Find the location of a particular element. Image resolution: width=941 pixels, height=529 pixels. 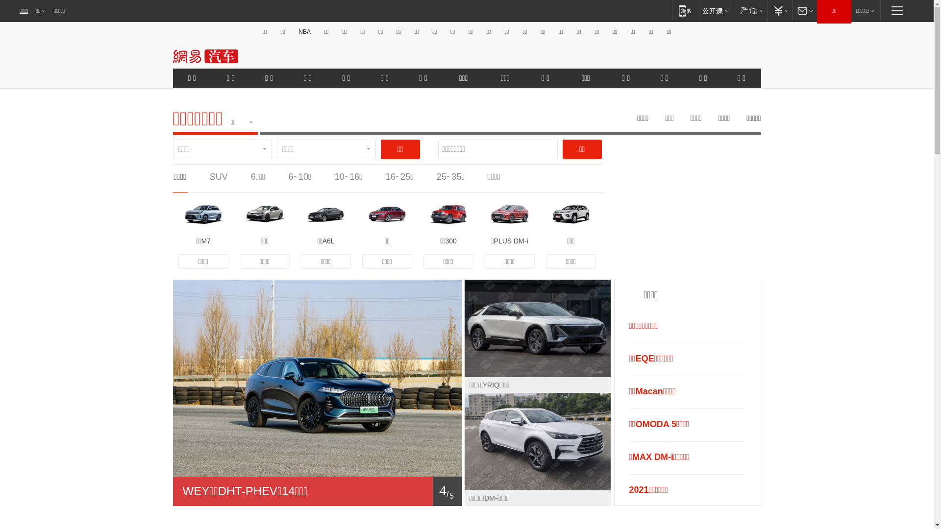

'SUV' is located at coordinates (218, 177).